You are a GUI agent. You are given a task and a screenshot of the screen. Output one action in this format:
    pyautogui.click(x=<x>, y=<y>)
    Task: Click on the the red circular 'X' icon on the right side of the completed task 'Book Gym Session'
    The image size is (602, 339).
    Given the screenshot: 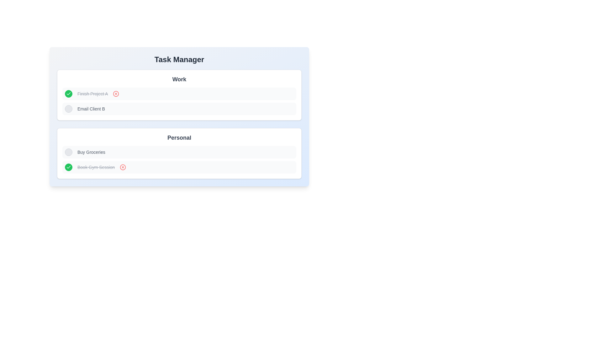 What is the action you would take?
    pyautogui.click(x=179, y=167)
    